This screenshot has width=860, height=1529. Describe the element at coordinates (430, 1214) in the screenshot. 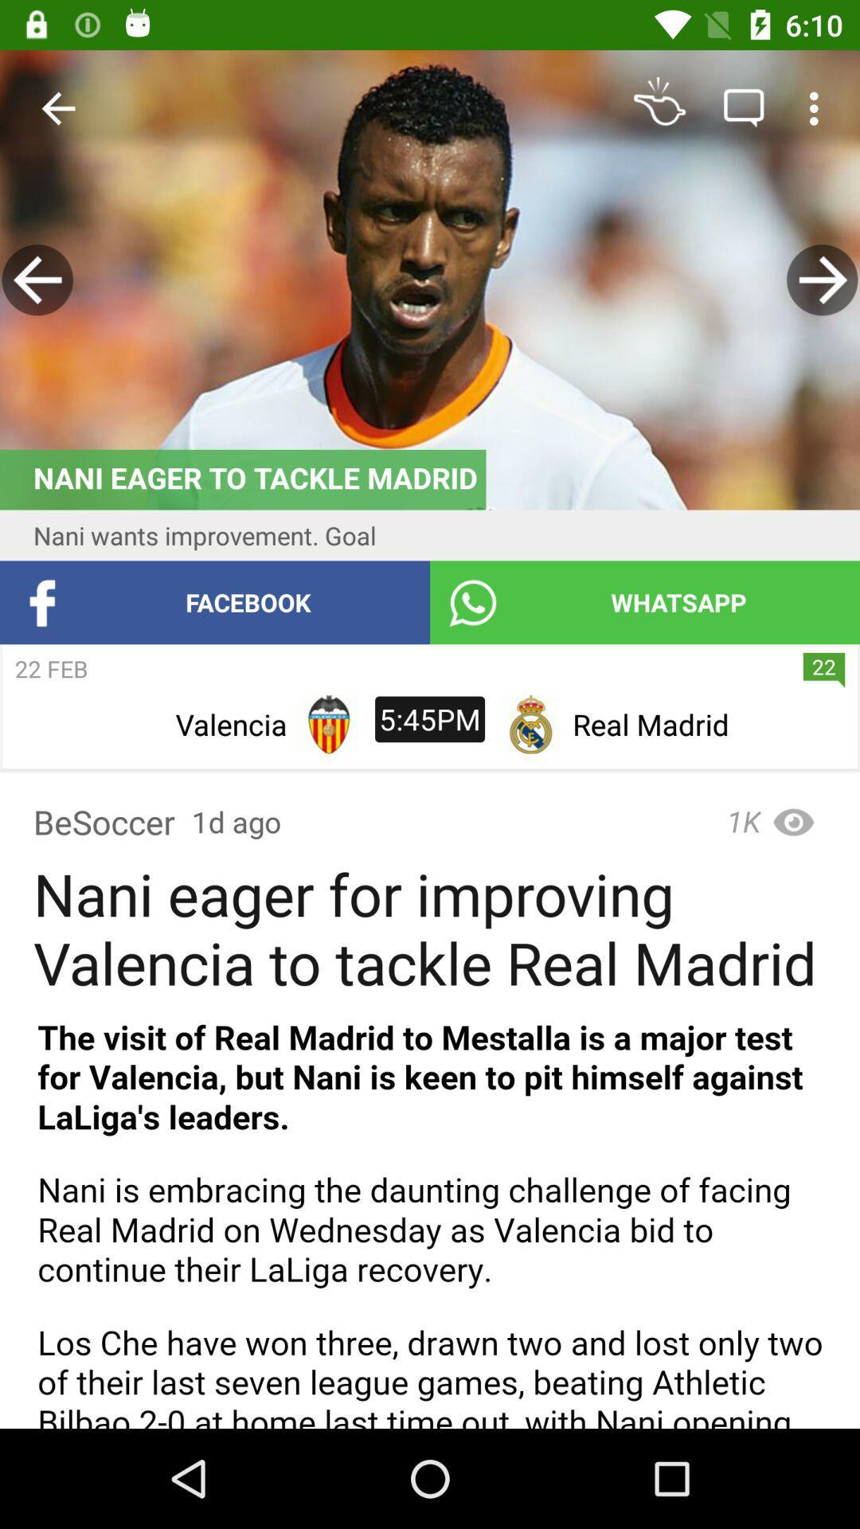

I see `advertisement` at that location.